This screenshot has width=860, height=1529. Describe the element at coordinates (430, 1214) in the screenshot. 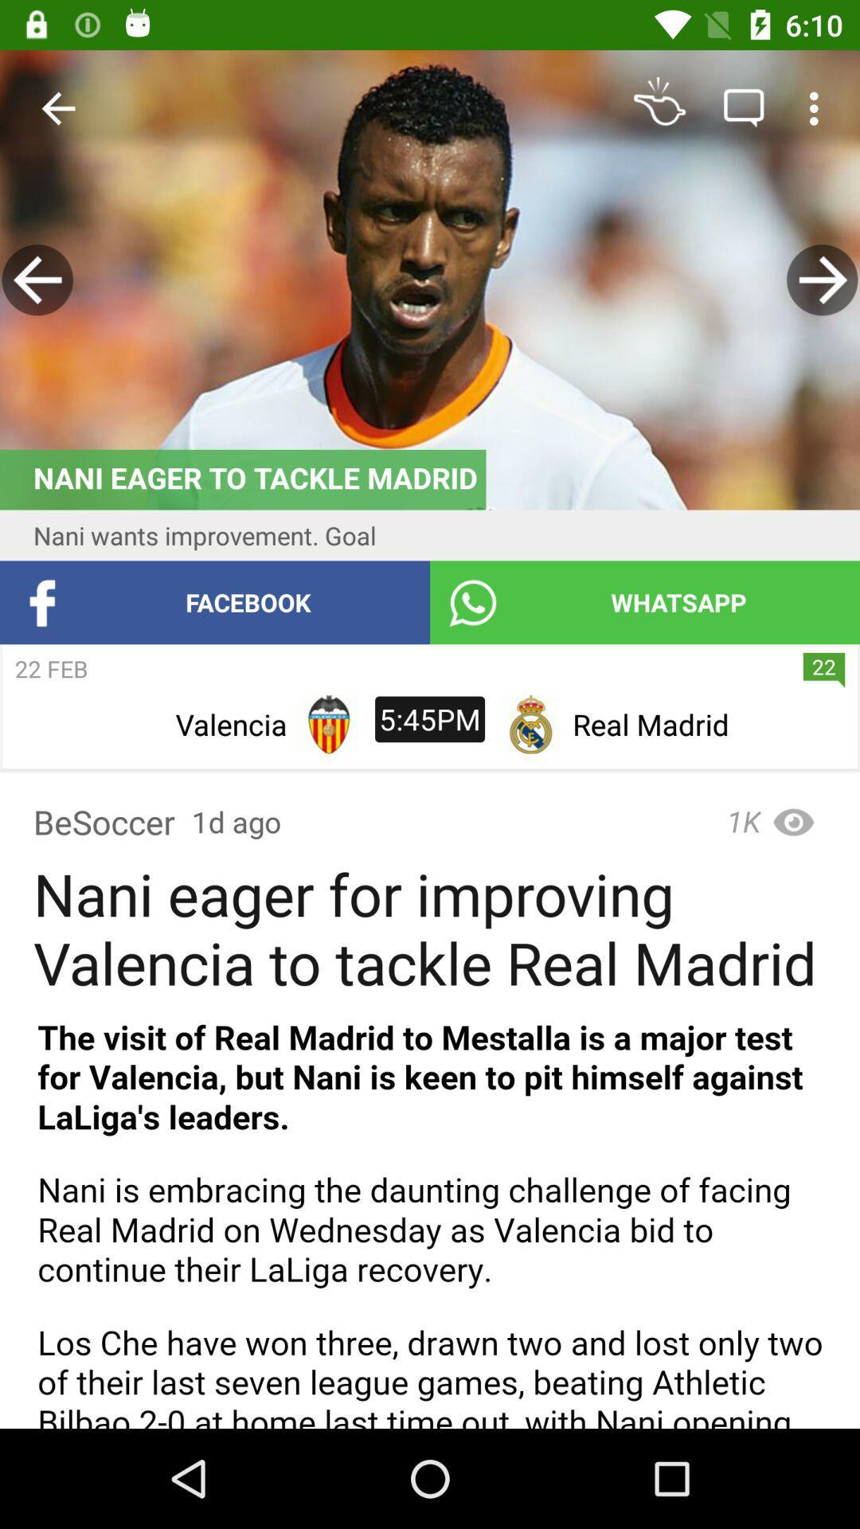

I see `advertisement` at that location.